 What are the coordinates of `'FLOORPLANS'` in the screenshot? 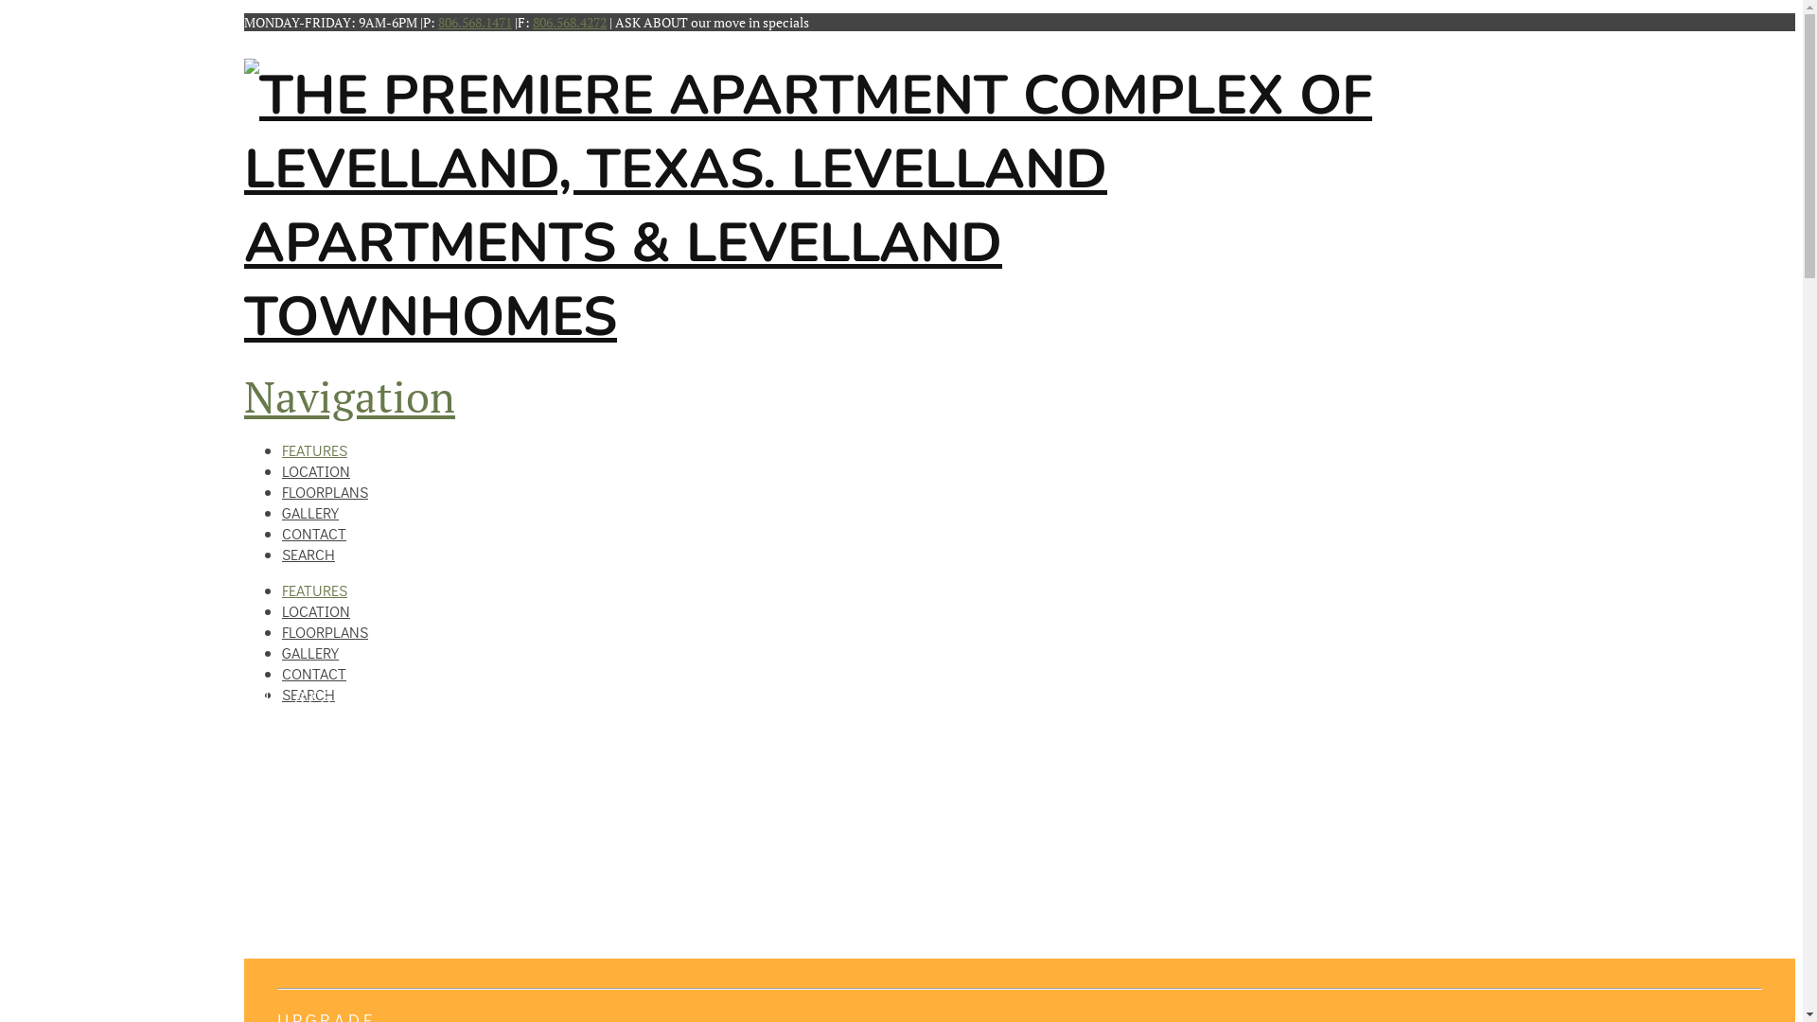 It's located at (325, 485).